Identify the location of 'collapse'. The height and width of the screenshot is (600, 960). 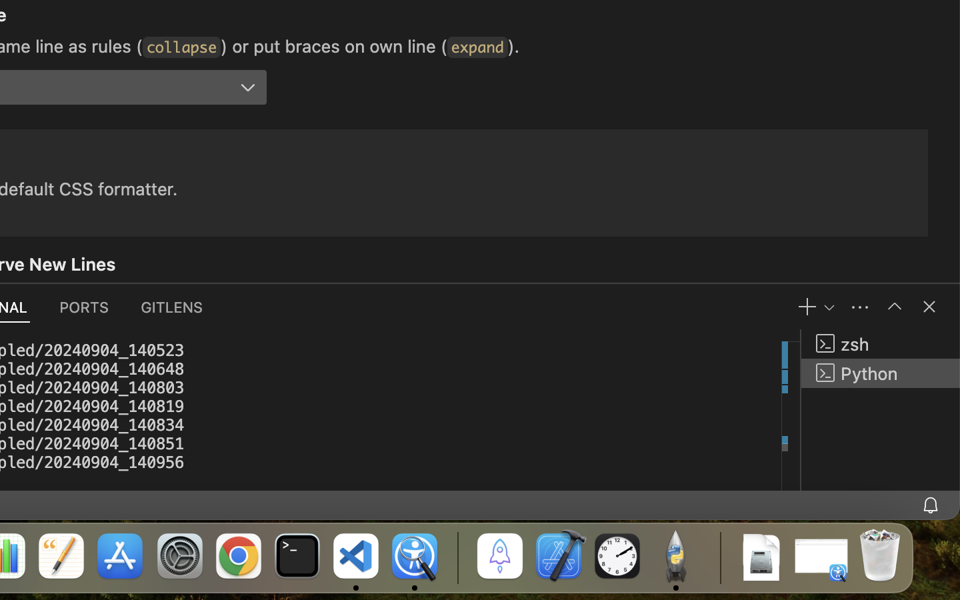
(181, 47).